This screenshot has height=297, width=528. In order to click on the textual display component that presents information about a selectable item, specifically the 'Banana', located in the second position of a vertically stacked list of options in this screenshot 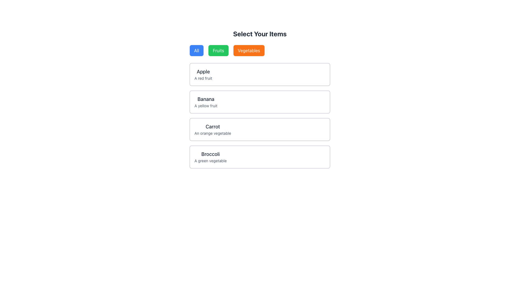, I will do `click(205, 102)`.